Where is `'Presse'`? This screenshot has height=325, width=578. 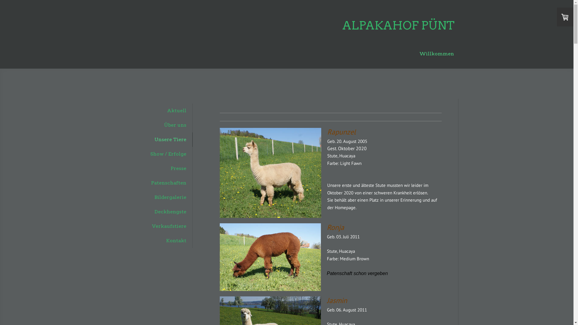 'Presse' is located at coordinates (160, 168).